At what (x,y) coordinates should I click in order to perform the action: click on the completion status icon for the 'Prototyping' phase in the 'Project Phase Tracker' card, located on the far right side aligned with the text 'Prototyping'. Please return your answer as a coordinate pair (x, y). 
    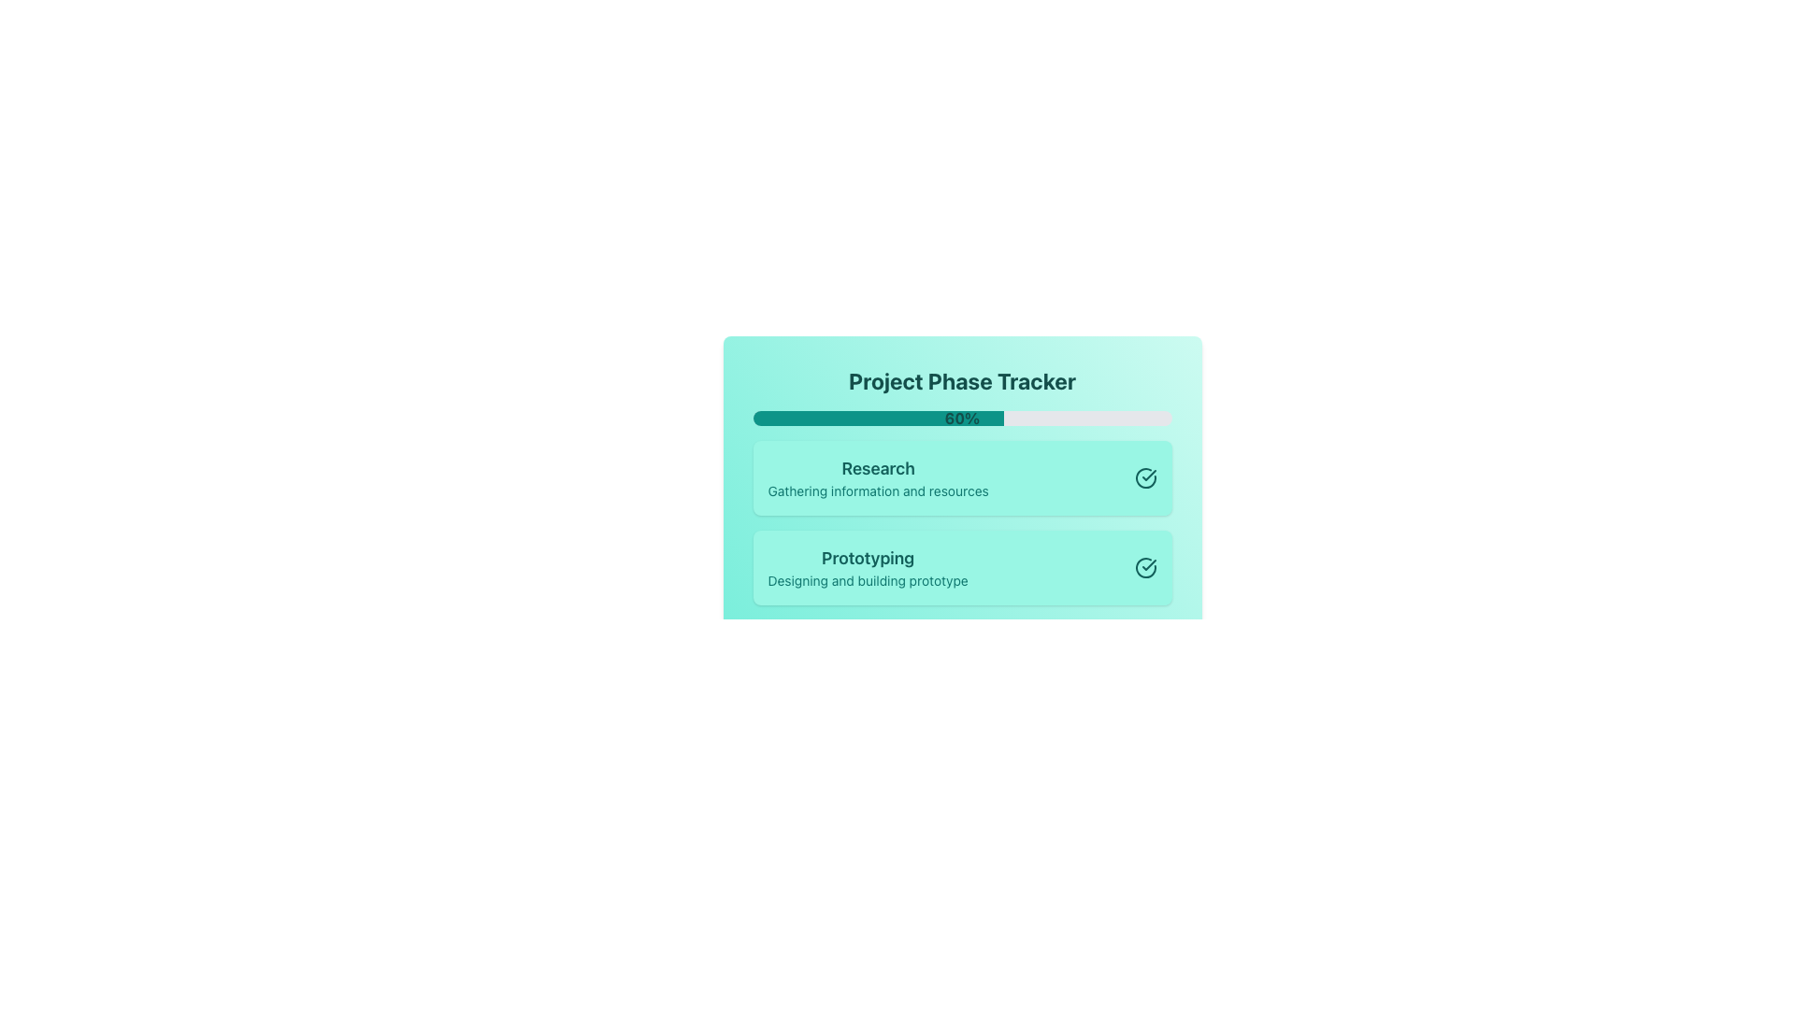
    Looking at the image, I should click on (1144, 567).